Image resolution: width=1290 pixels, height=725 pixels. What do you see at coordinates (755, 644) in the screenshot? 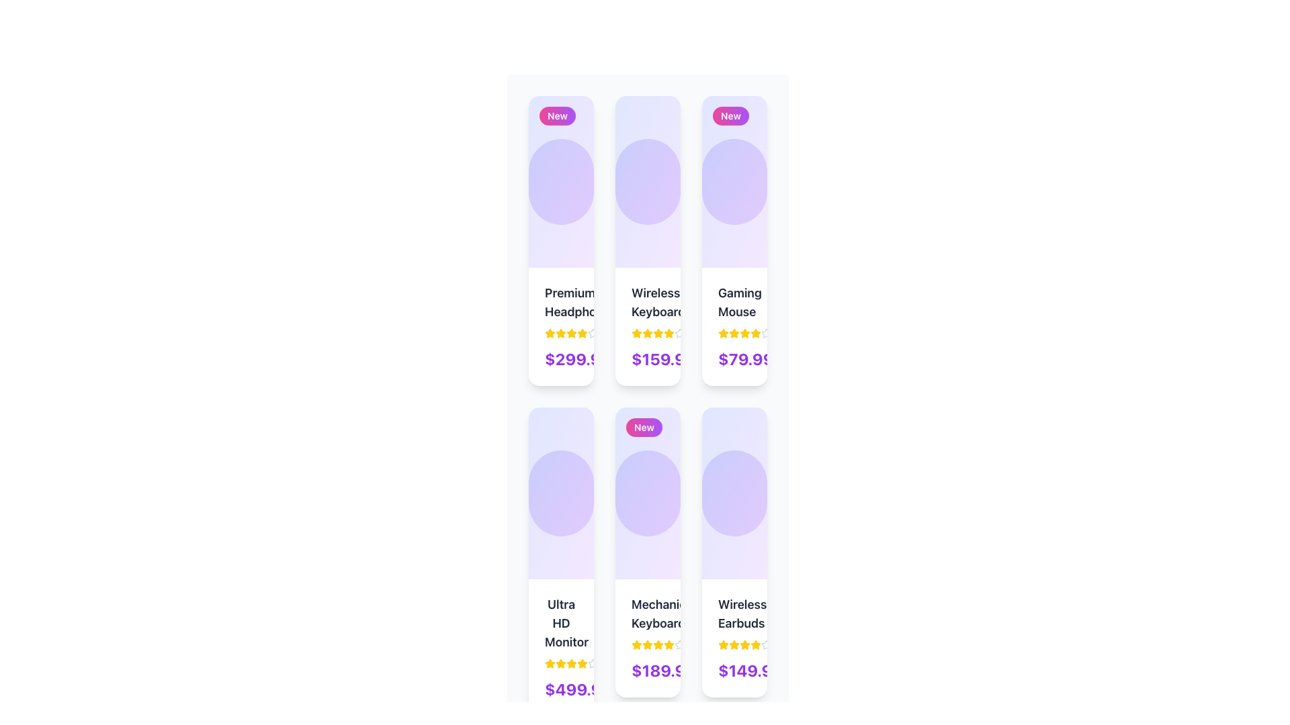
I see `the fourth star icon filled with yellow color, positioned below the 'Wireless Earbuds' card` at bounding box center [755, 644].